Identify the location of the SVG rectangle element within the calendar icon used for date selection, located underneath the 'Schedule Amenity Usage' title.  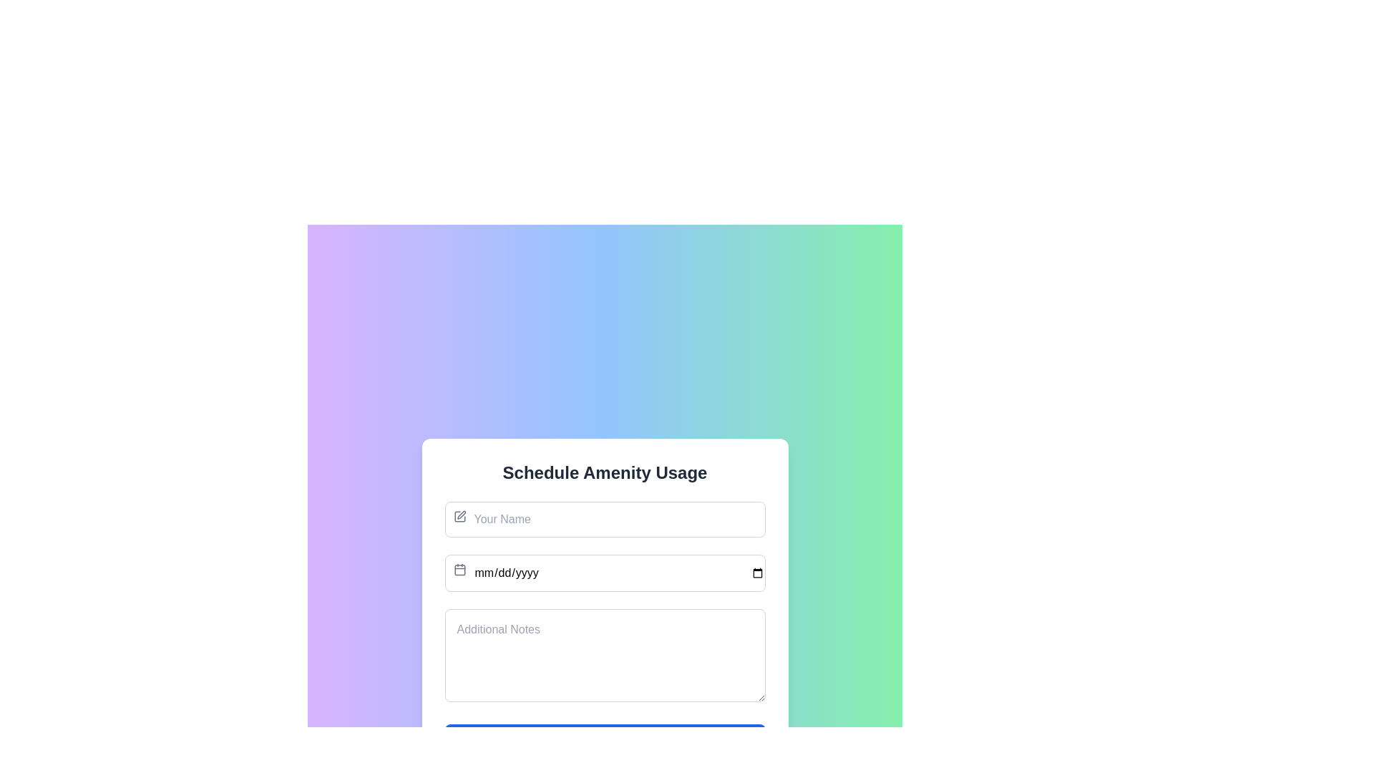
(459, 569).